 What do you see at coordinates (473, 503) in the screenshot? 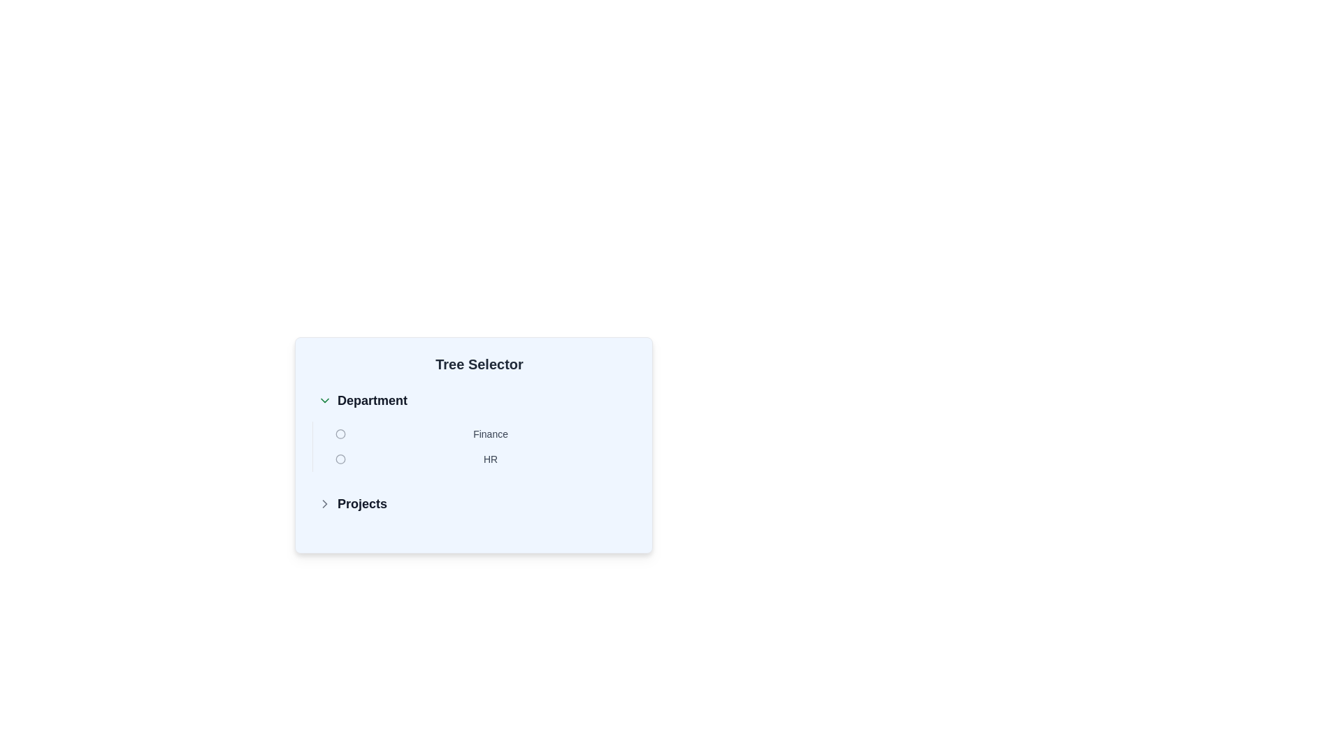
I see `the 'Projects' Toggle button located at the center of the element, which is situated towards the middle of a light blue background and is the last item` at bounding box center [473, 503].